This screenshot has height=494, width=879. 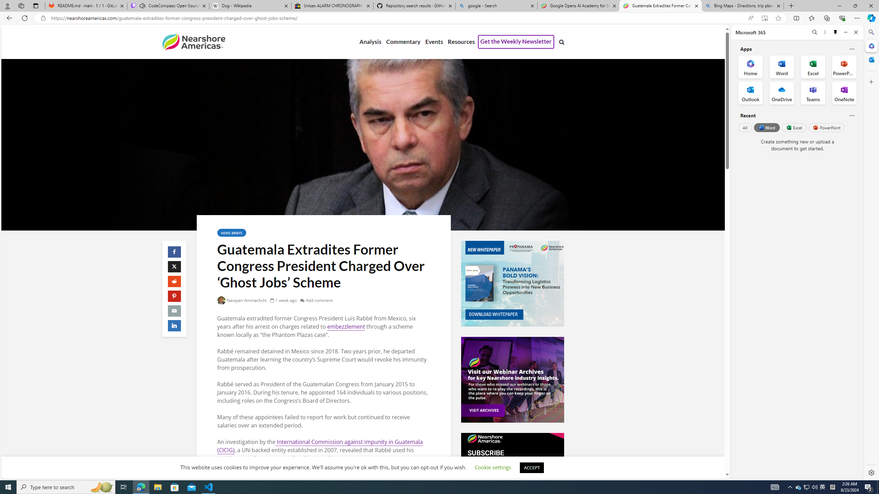 What do you see at coordinates (794, 127) in the screenshot?
I see `'Excel'` at bounding box center [794, 127].